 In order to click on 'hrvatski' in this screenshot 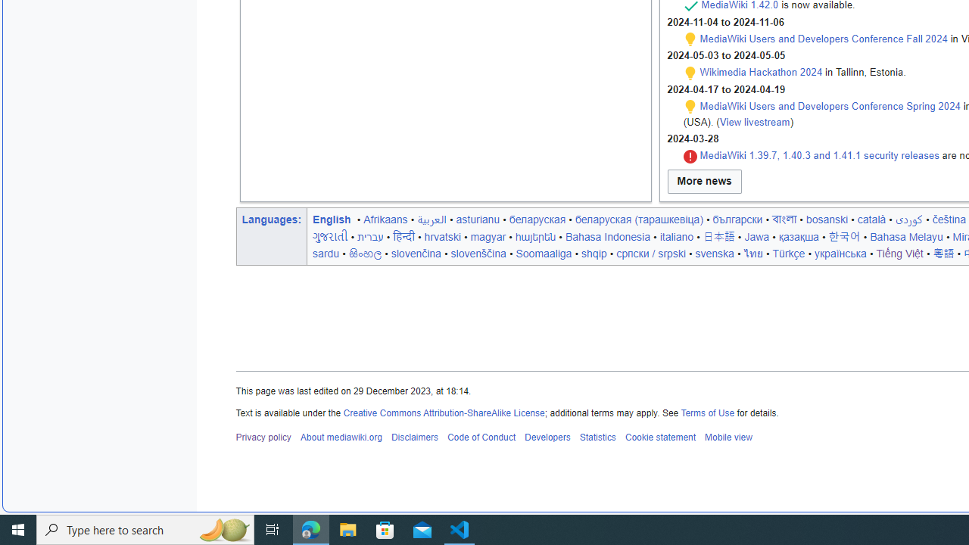, I will do `click(441, 236)`.